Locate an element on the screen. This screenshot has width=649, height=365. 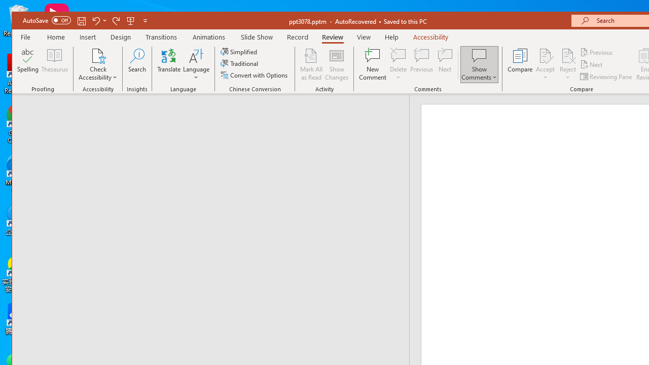
'Translate' is located at coordinates (169, 64).